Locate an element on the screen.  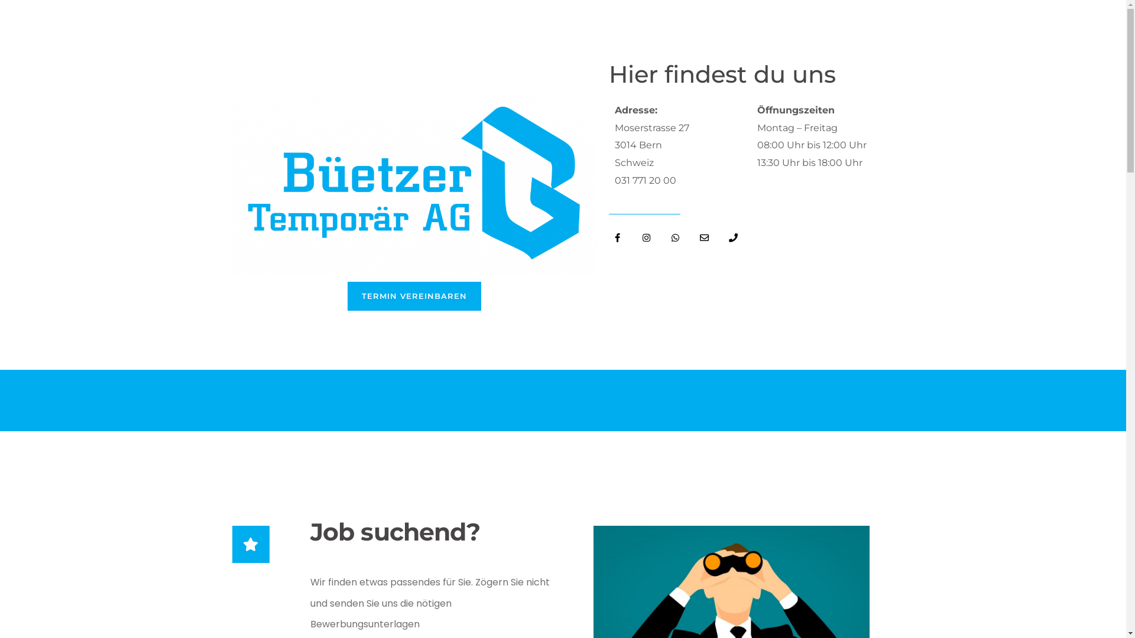
'Whatsapp' is located at coordinates (675, 237).